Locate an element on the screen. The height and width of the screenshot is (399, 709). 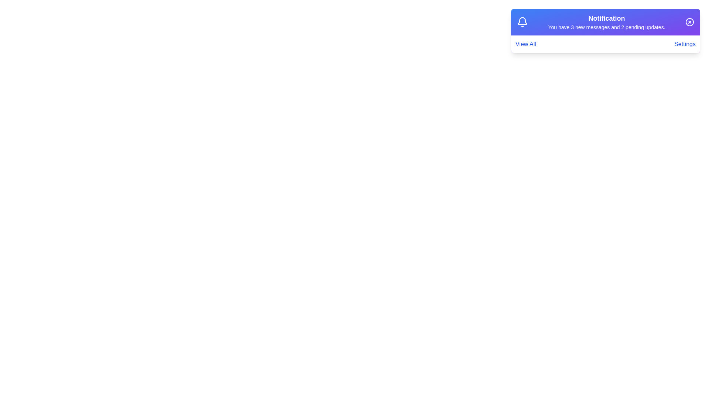
the interactive element Settings to observe its hover effect is located at coordinates (685, 44).